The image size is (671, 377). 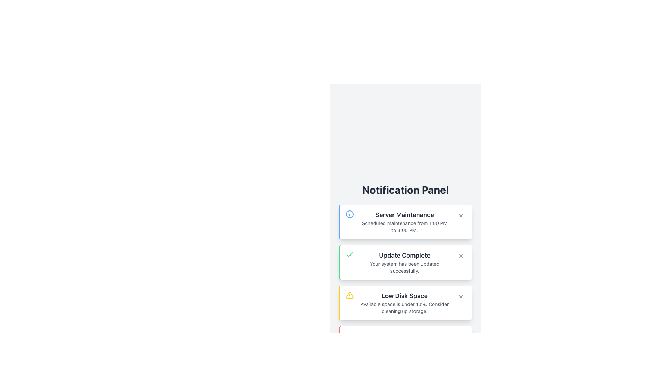 I want to click on the dismiss button for the 'Low Disk Space' notification, so click(x=461, y=296).